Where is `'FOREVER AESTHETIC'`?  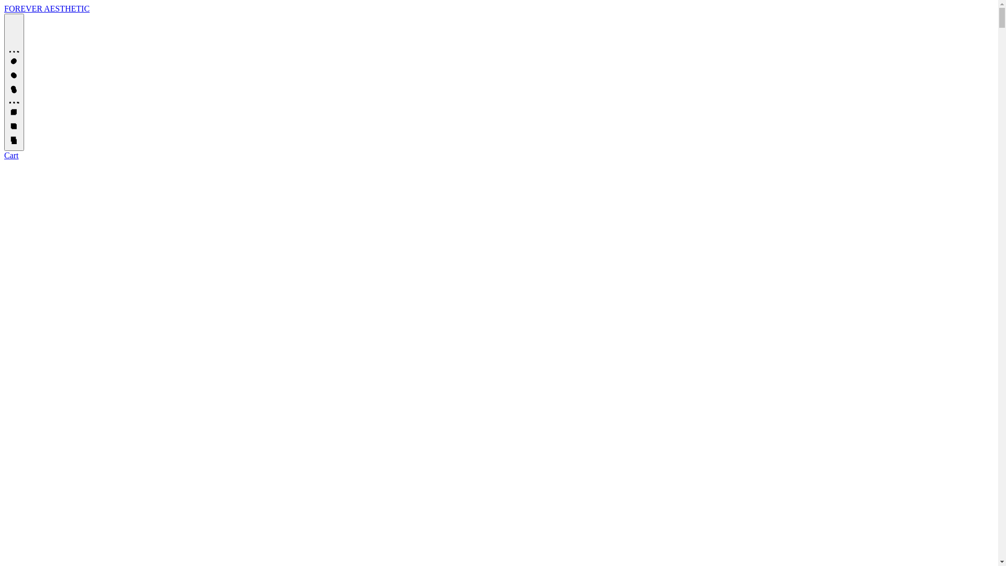
'FOREVER AESTHETIC' is located at coordinates (46, 8).